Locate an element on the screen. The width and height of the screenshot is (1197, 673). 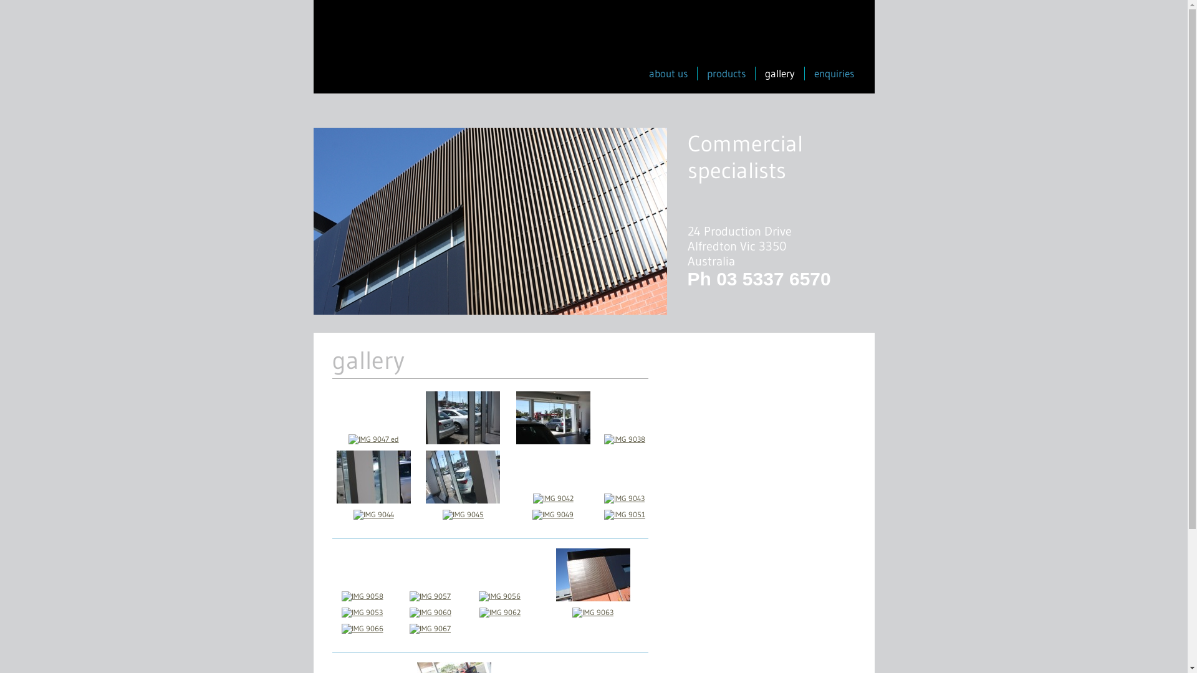
'IMG 9042' is located at coordinates (552, 498).